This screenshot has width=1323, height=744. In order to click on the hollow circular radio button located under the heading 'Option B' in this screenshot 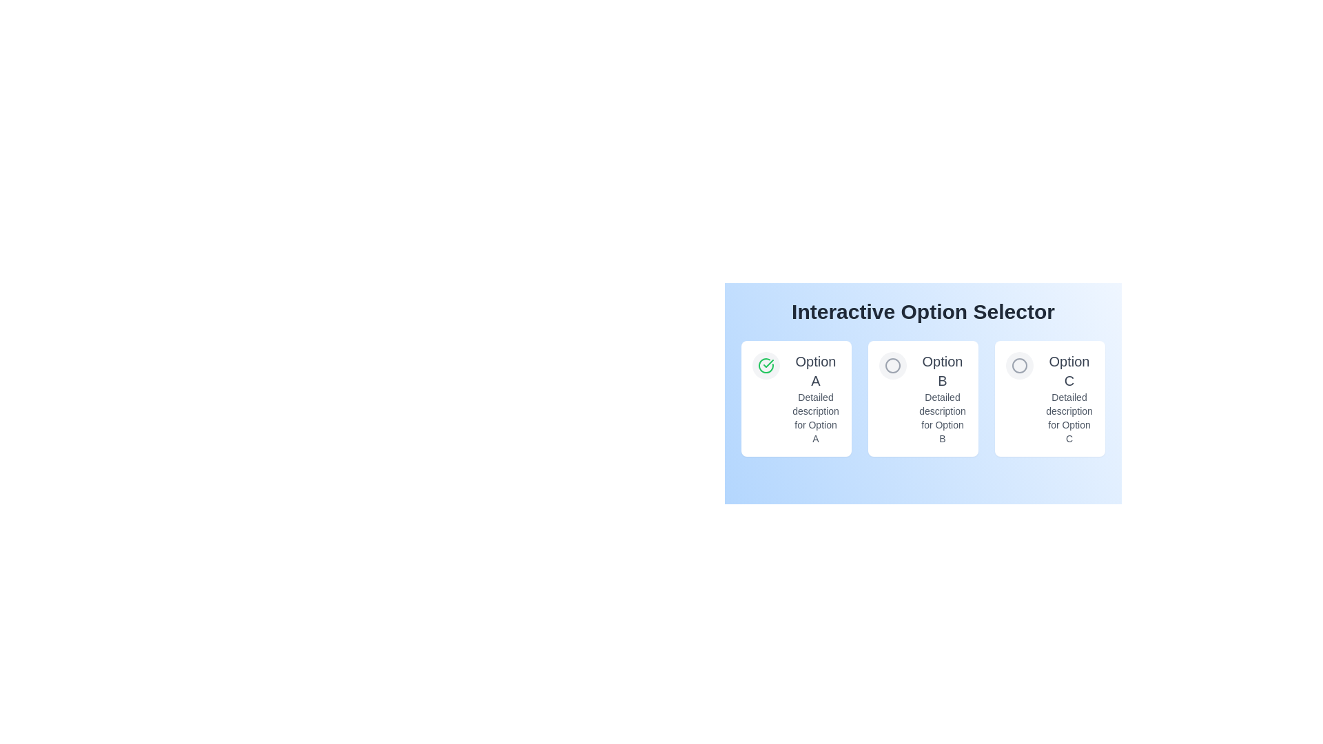, I will do `click(893, 365)`.